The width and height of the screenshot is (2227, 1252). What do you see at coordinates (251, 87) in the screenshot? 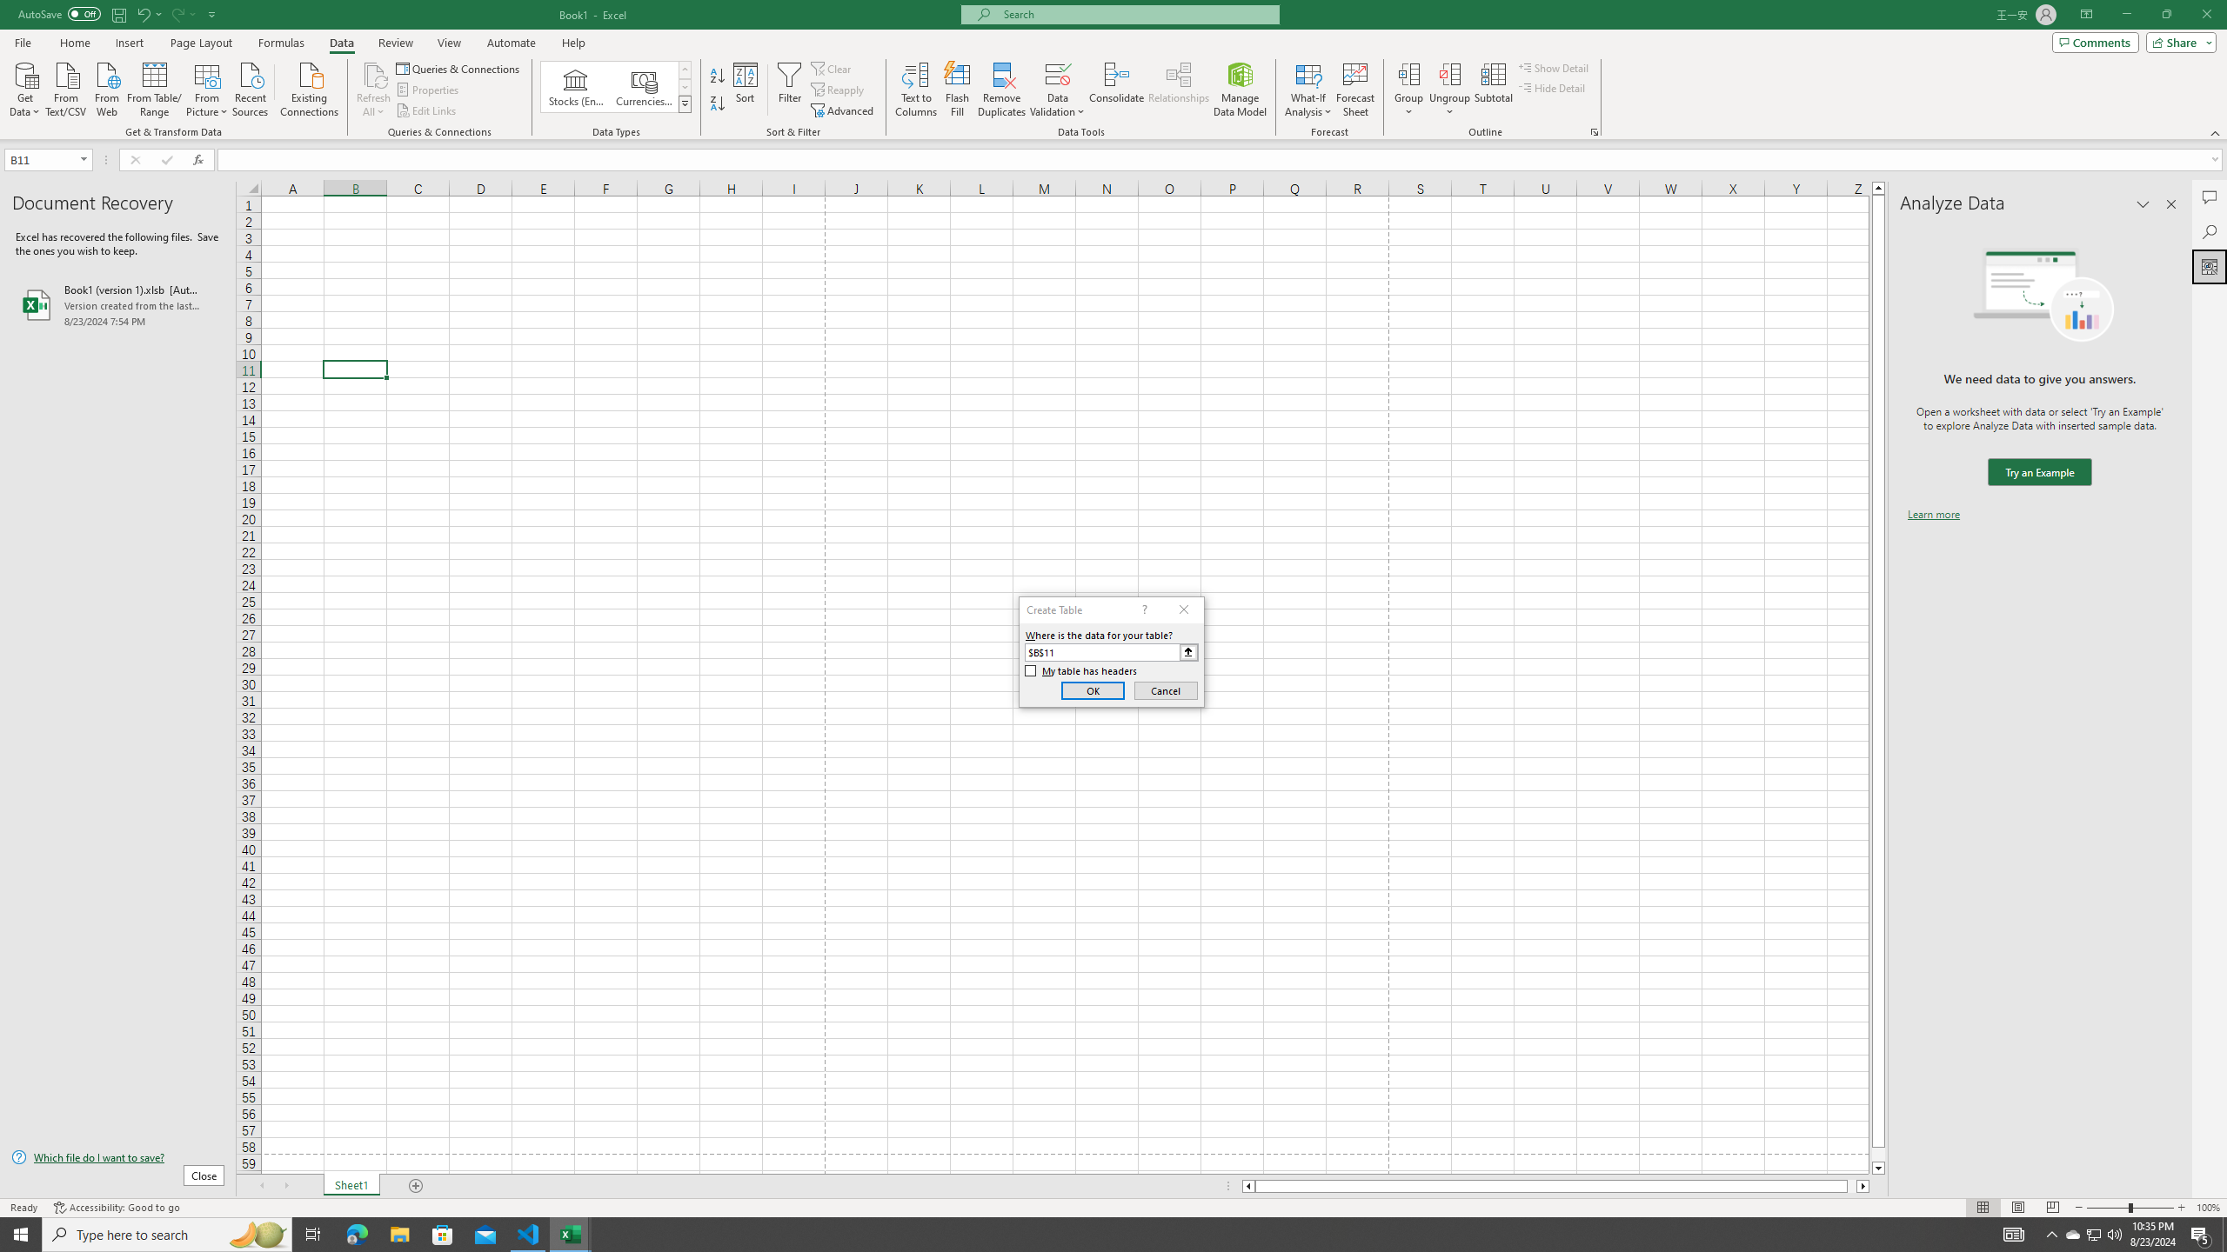
I see `'Recent Sources'` at bounding box center [251, 87].